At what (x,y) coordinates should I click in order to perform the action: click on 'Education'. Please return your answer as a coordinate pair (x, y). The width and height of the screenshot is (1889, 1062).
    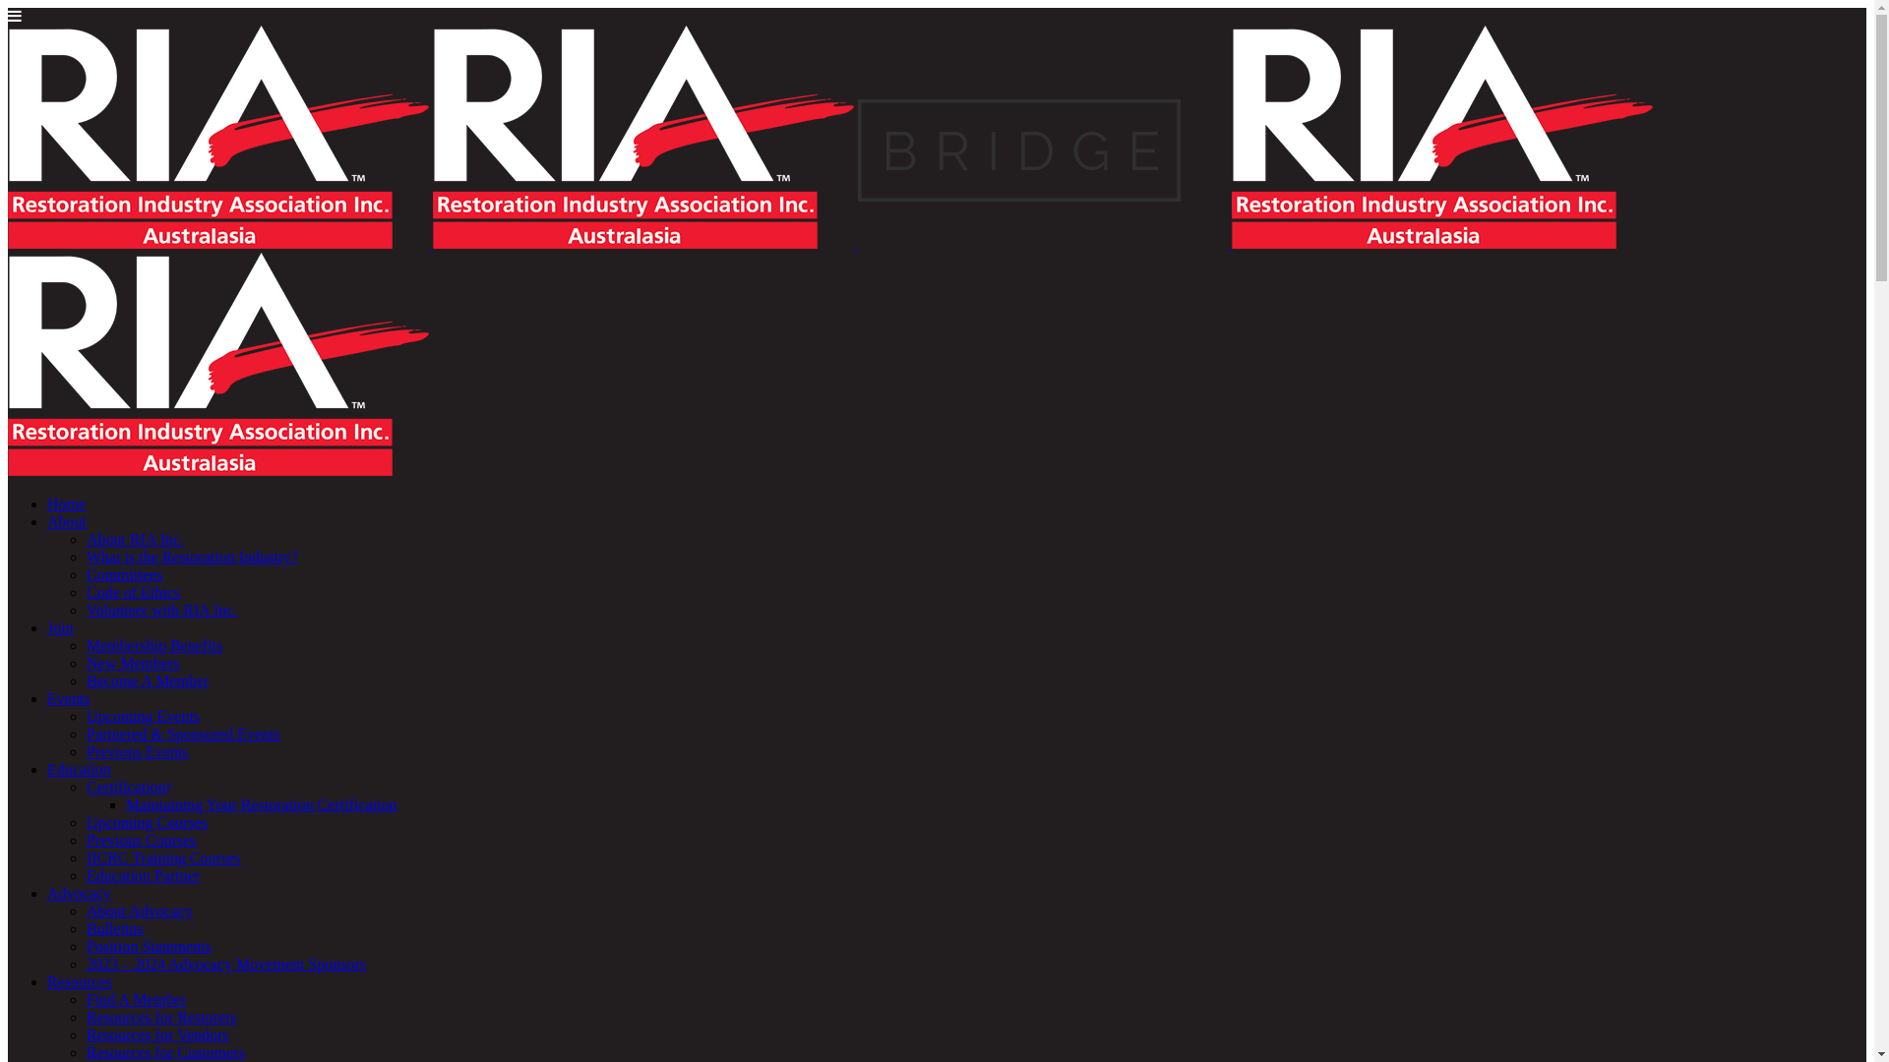
    Looking at the image, I should click on (79, 768).